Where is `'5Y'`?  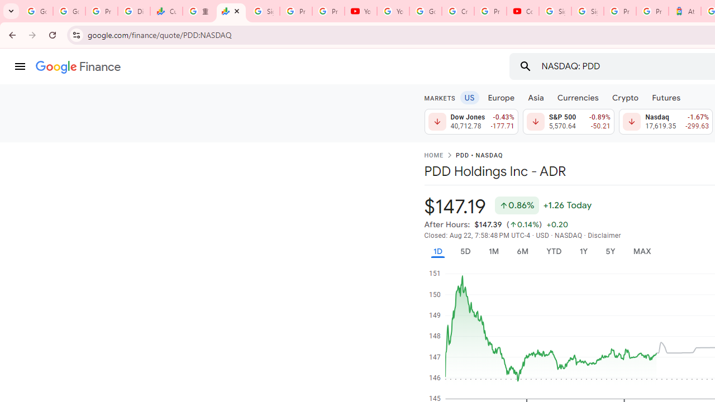
'5Y' is located at coordinates (609, 251).